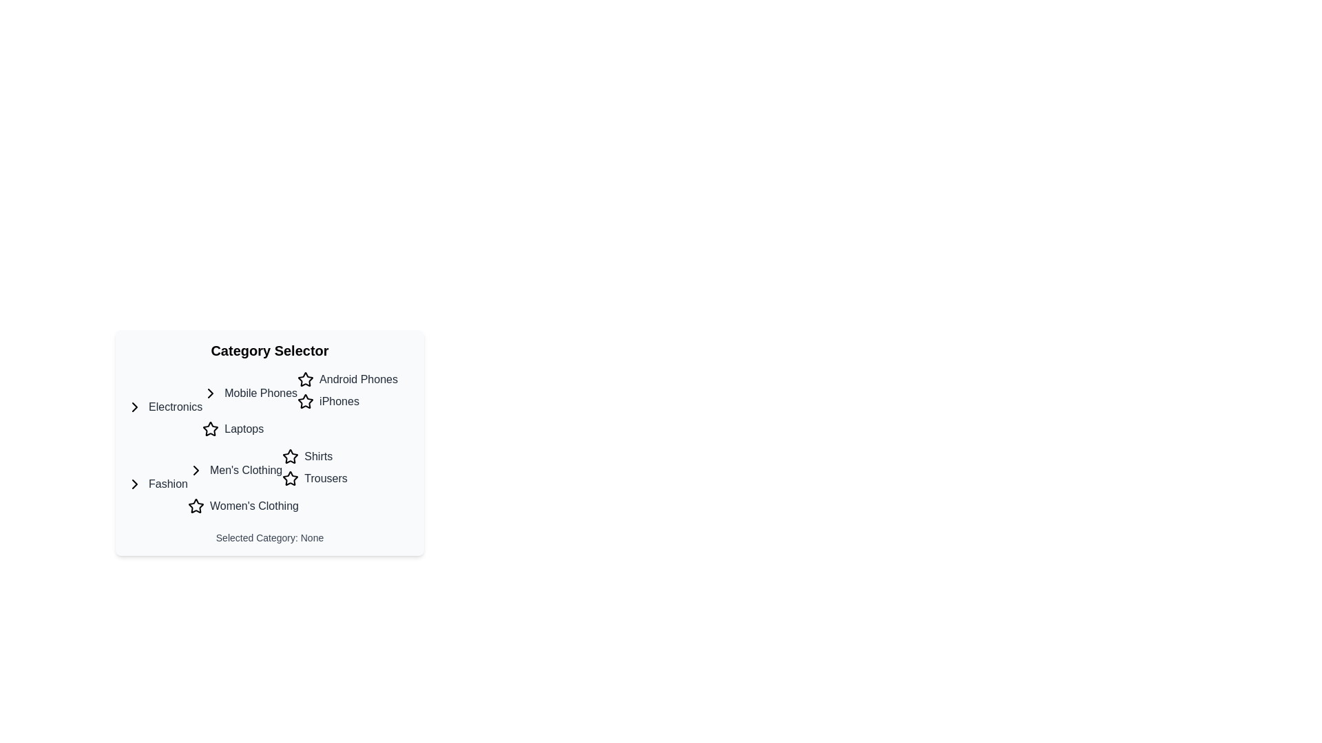 Image resolution: width=1322 pixels, height=743 pixels. Describe the element at coordinates (314, 456) in the screenshot. I see `the 'Shirts' category option under the 'Men's Clothing' section in the 'Fashion' category` at that location.